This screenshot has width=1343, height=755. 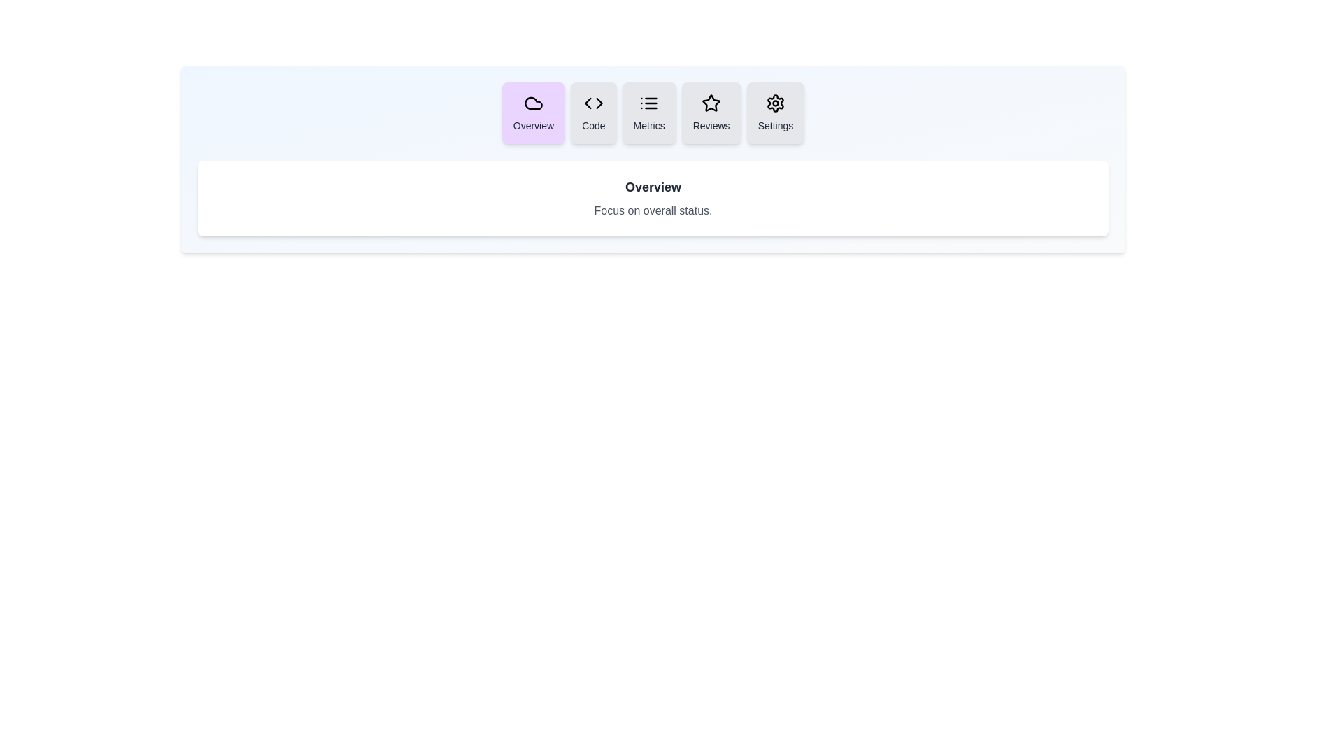 I want to click on the tab labeled Settings, so click(x=774, y=113).